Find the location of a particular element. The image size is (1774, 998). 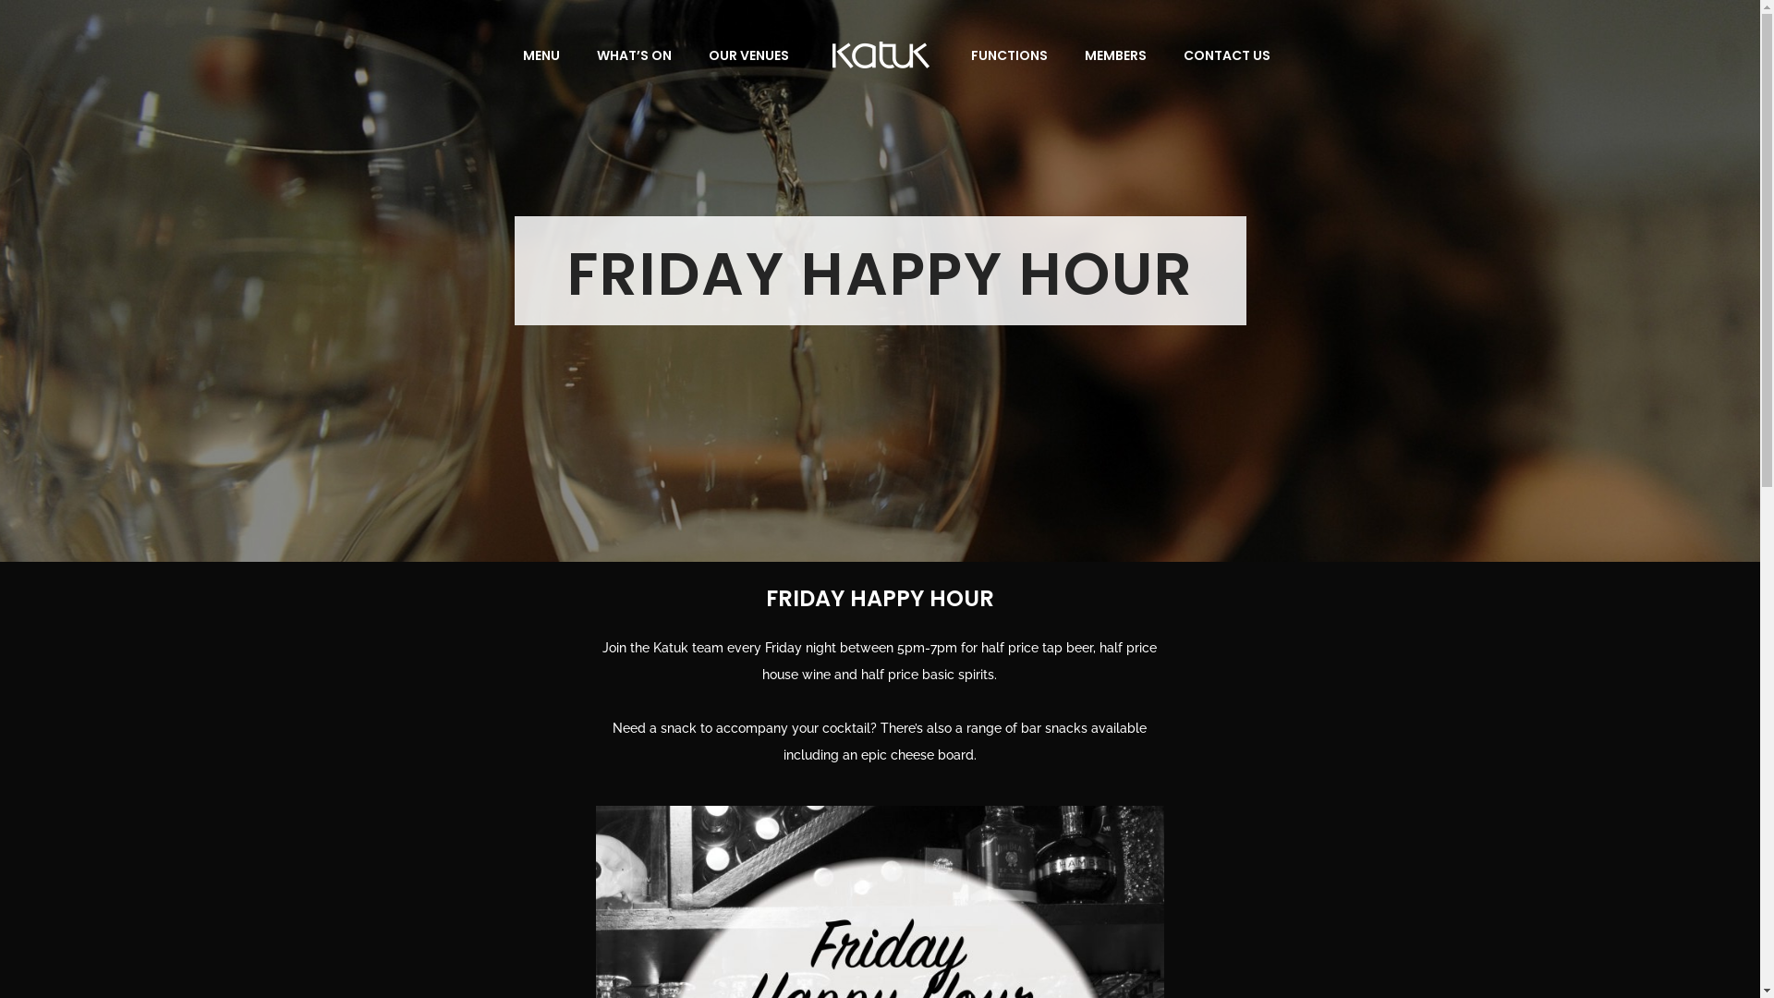

'MEMBERS' is located at coordinates (1114, 55).